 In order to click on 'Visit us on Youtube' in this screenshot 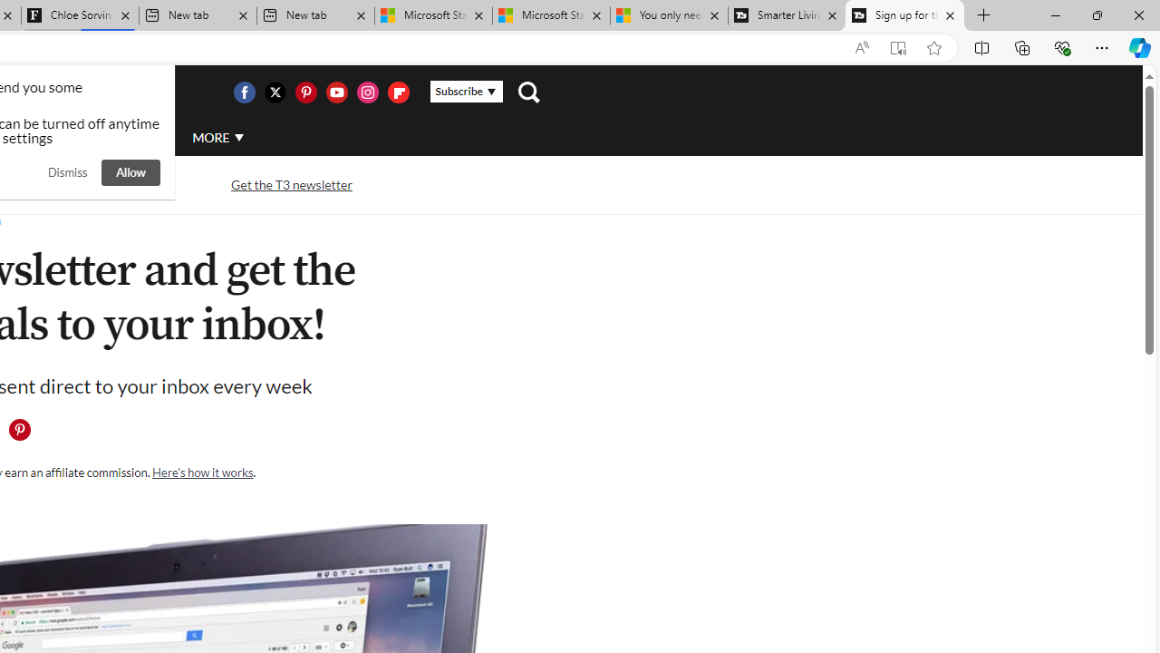, I will do `click(336, 92)`.